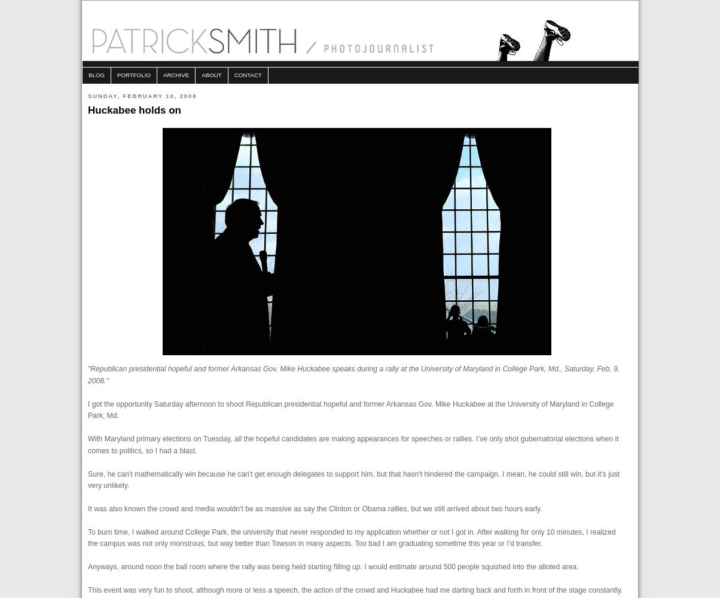  I want to click on 'Anyways, around noon the ball room where the rally was being held starting filling up. I would estimate around 500 people squished into the alloted area.', so click(332, 566).